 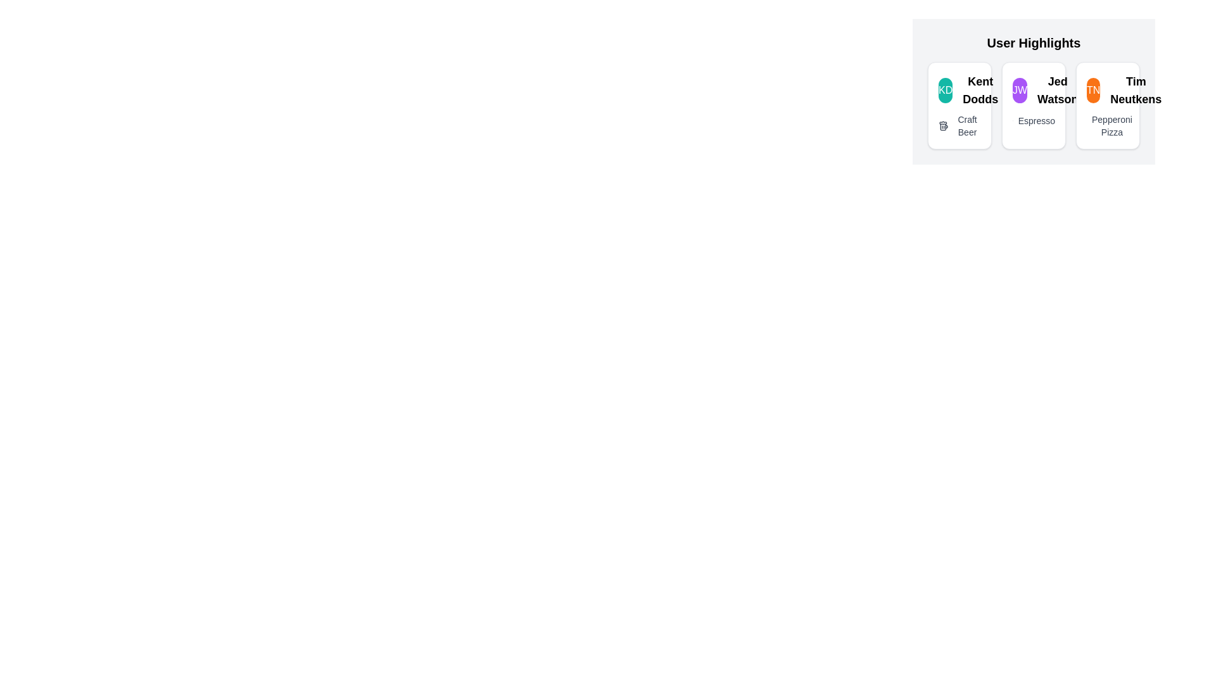 What do you see at coordinates (1034, 91) in the screenshot?
I see `the middle card with the initials badge 'JW', name 'Jed Watson', and description 'Espresso'` at bounding box center [1034, 91].